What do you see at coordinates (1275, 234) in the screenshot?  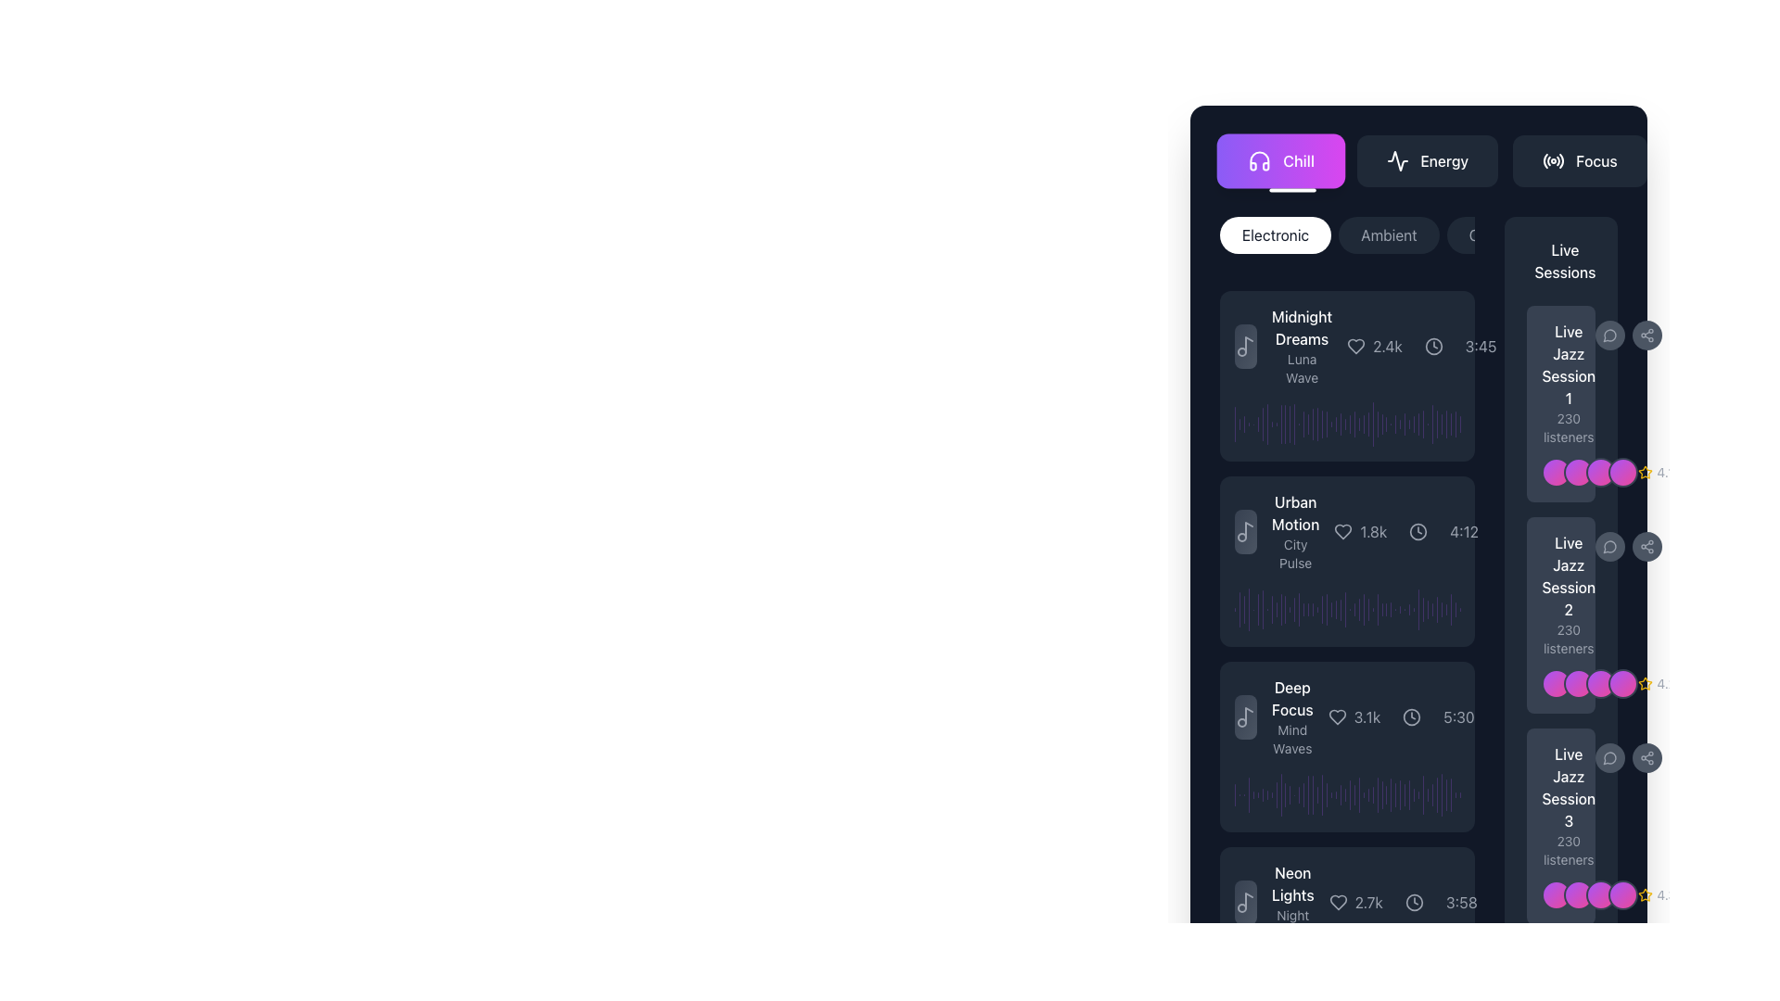 I see `the 'Electronic' music genre button, which is the first button in a horizontal ribbon of category selectors` at bounding box center [1275, 234].